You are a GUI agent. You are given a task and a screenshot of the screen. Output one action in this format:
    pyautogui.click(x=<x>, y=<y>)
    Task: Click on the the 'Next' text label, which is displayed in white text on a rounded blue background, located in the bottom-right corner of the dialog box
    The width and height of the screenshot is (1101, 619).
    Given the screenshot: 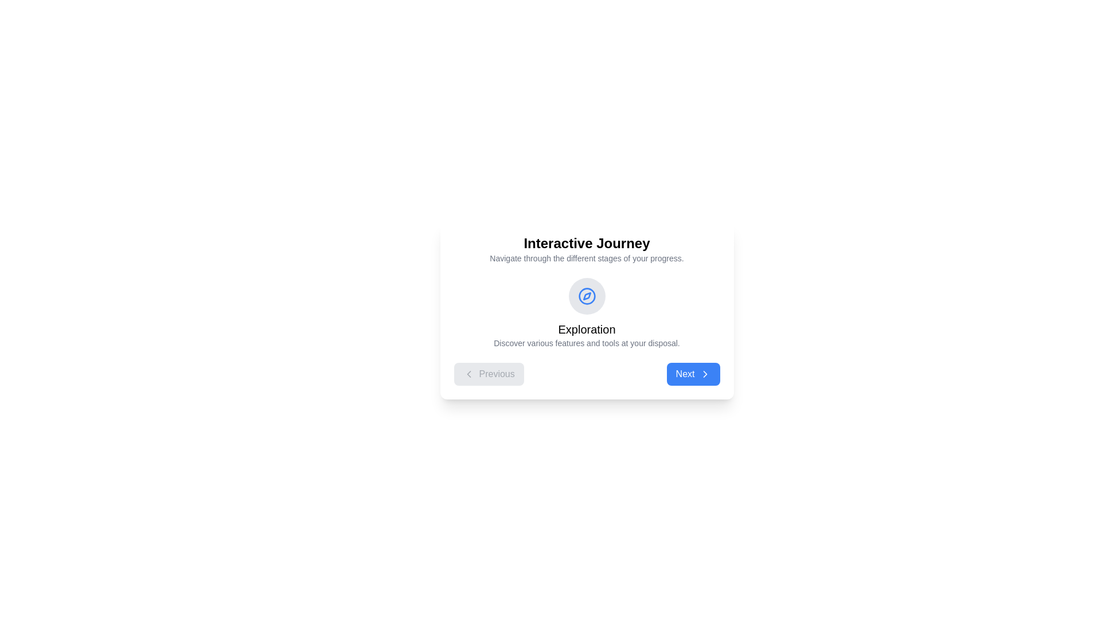 What is the action you would take?
    pyautogui.click(x=685, y=374)
    